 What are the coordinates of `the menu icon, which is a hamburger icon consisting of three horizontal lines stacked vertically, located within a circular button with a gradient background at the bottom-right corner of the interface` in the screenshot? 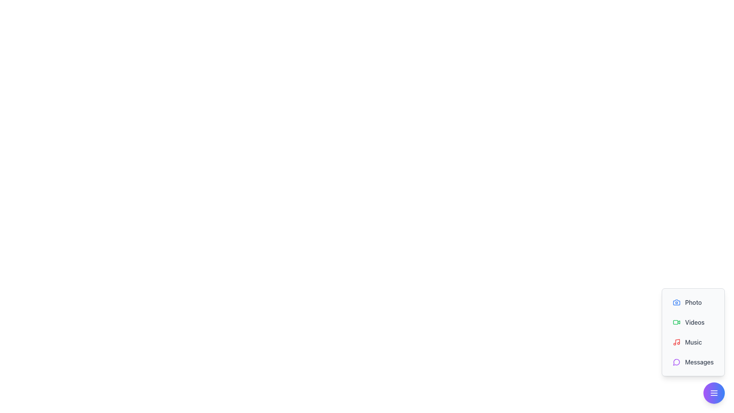 It's located at (713, 393).